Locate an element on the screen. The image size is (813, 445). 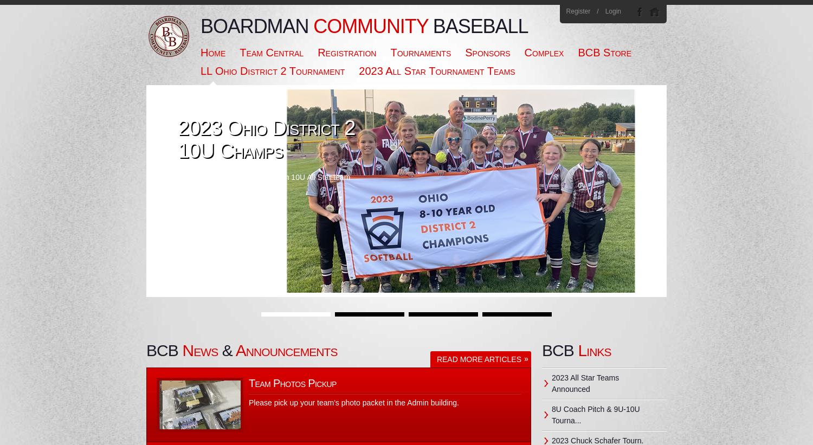
'2023 Chuck Schafer Tourn.' is located at coordinates (552, 441).